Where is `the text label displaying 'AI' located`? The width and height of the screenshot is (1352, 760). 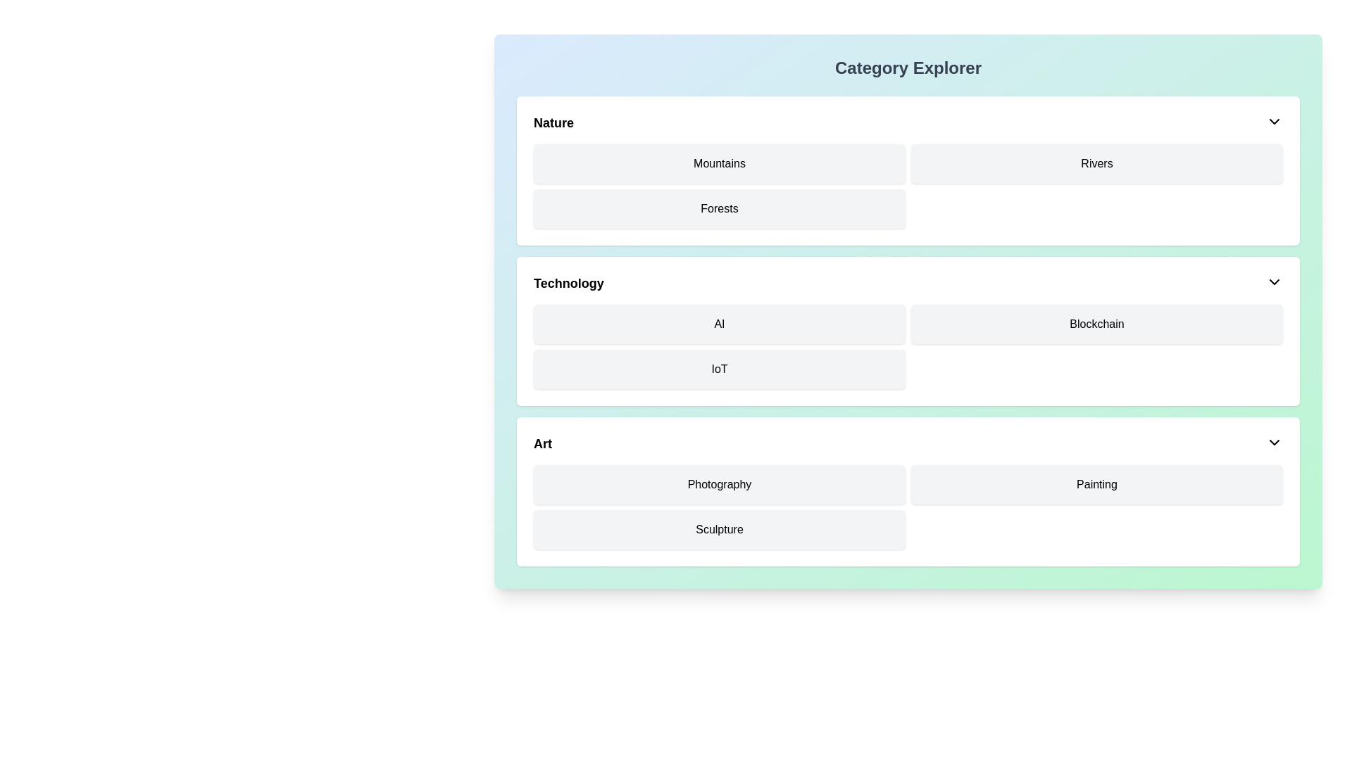
the text label displaying 'AI' located is located at coordinates (720, 324).